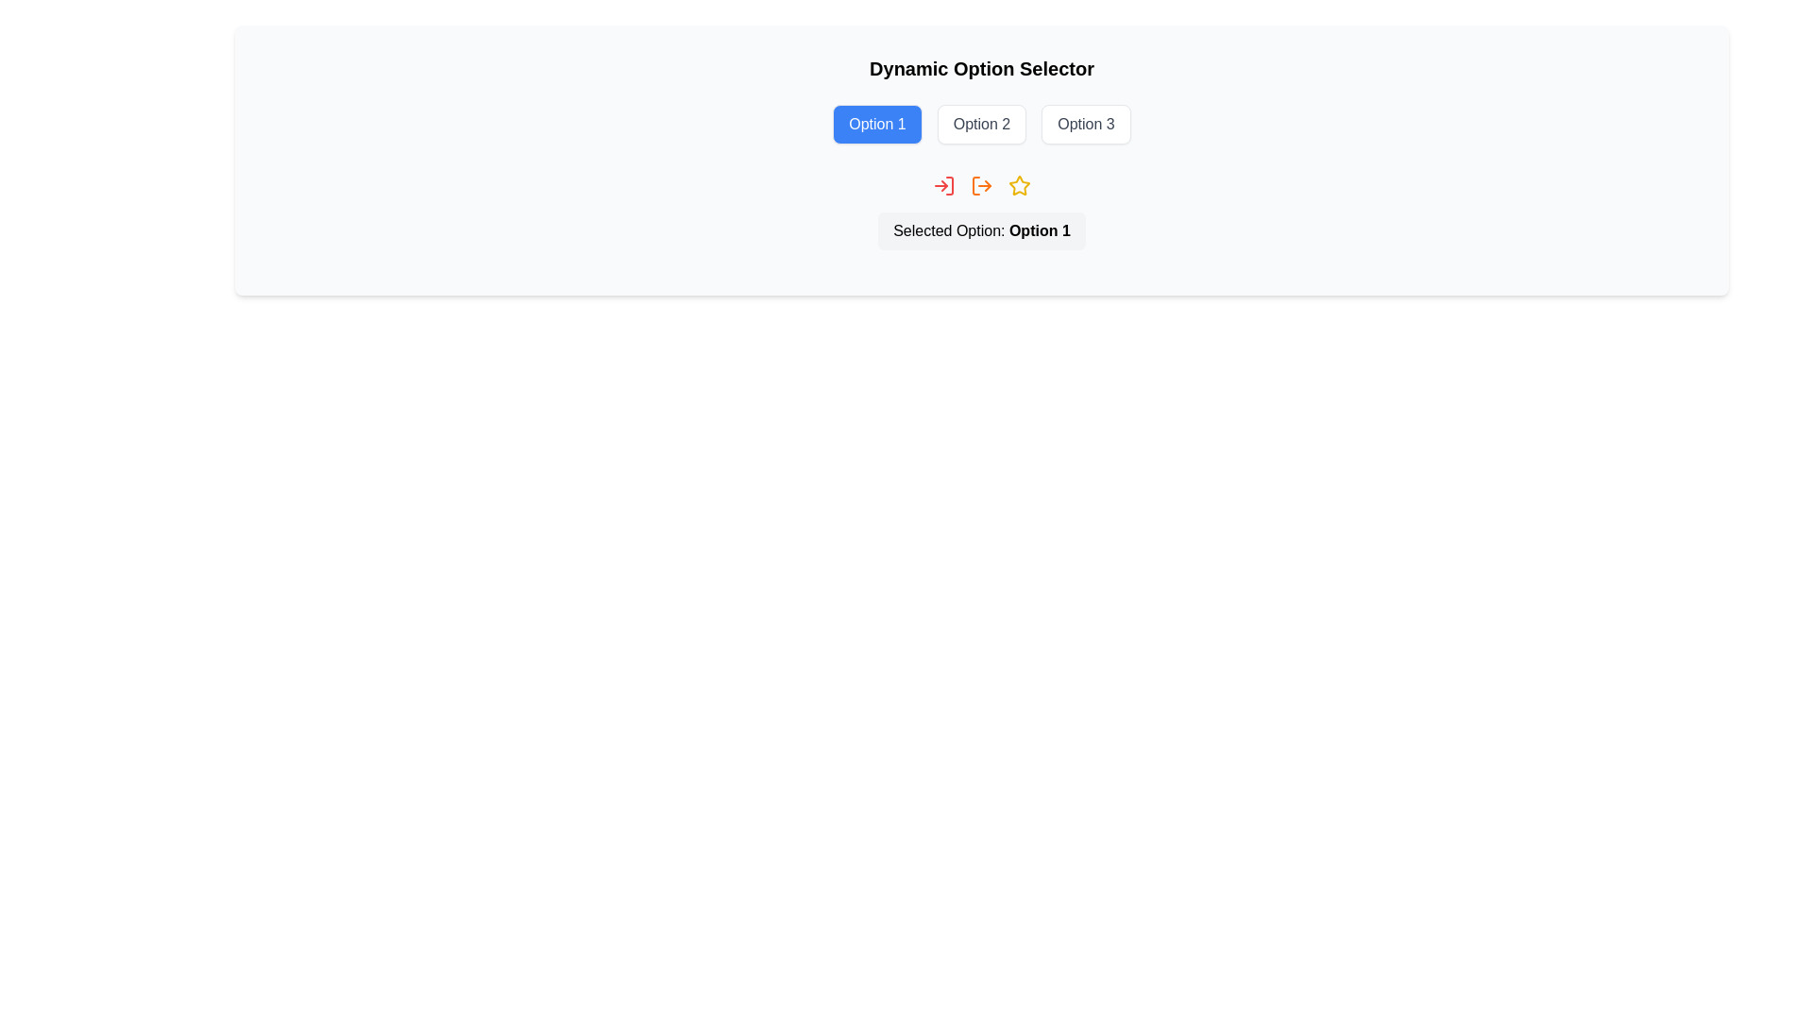  What do you see at coordinates (1039, 229) in the screenshot?
I see `the text label displaying 'Option 1', which is part of the message 'Selected Option: Option 1', aligned to the right and emphasized in bold` at bounding box center [1039, 229].